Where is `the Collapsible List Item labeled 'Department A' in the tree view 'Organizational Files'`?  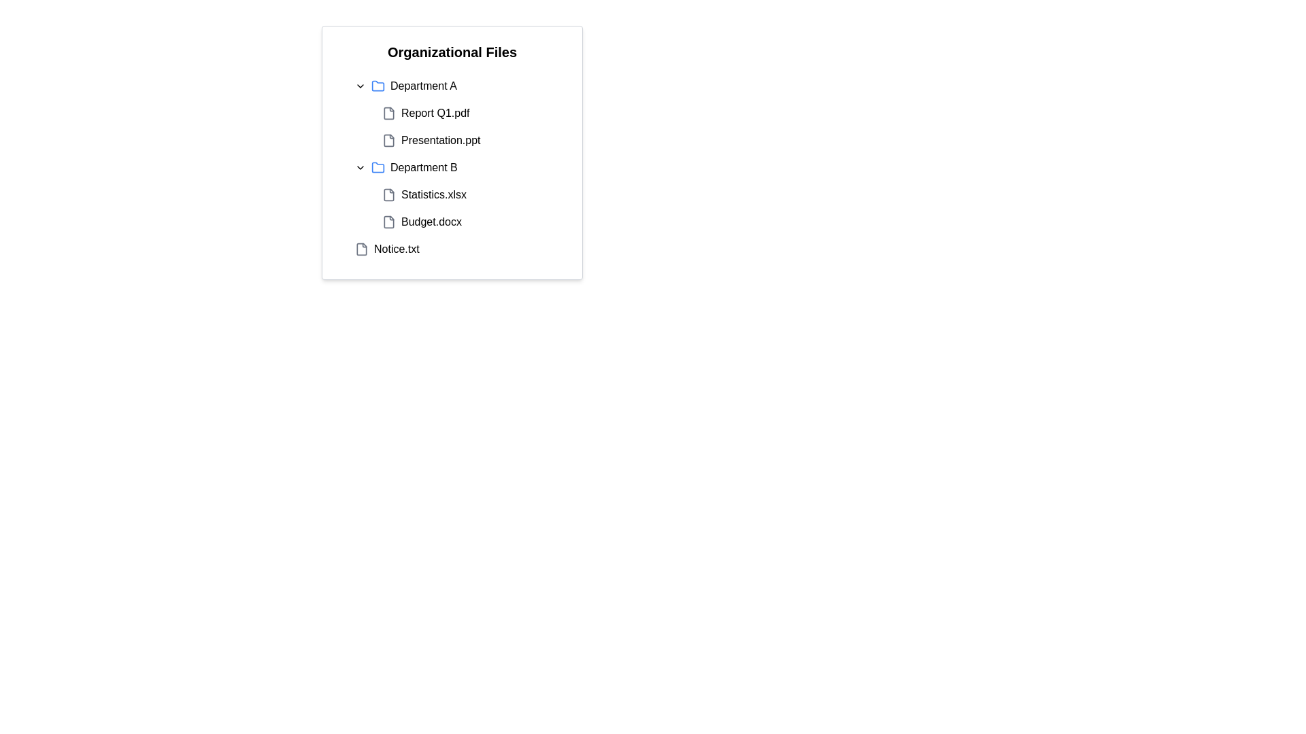
the Collapsible List Item labeled 'Department A' in the tree view 'Organizational Files' is located at coordinates (405, 86).